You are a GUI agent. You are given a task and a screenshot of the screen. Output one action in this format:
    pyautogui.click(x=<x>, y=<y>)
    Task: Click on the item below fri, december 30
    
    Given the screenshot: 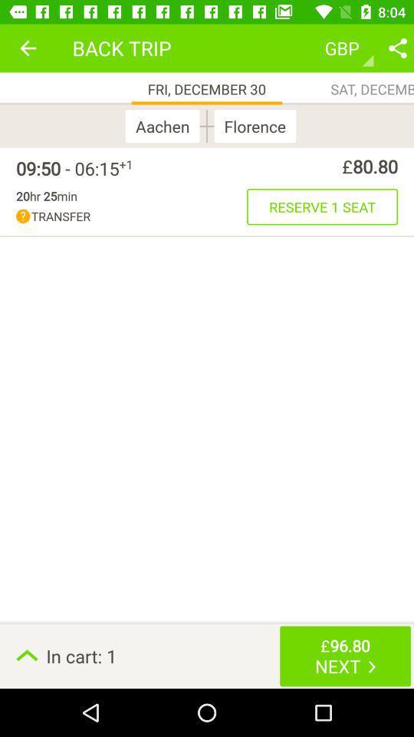 What is the action you would take?
    pyautogui.click(x=165, y=125)
    